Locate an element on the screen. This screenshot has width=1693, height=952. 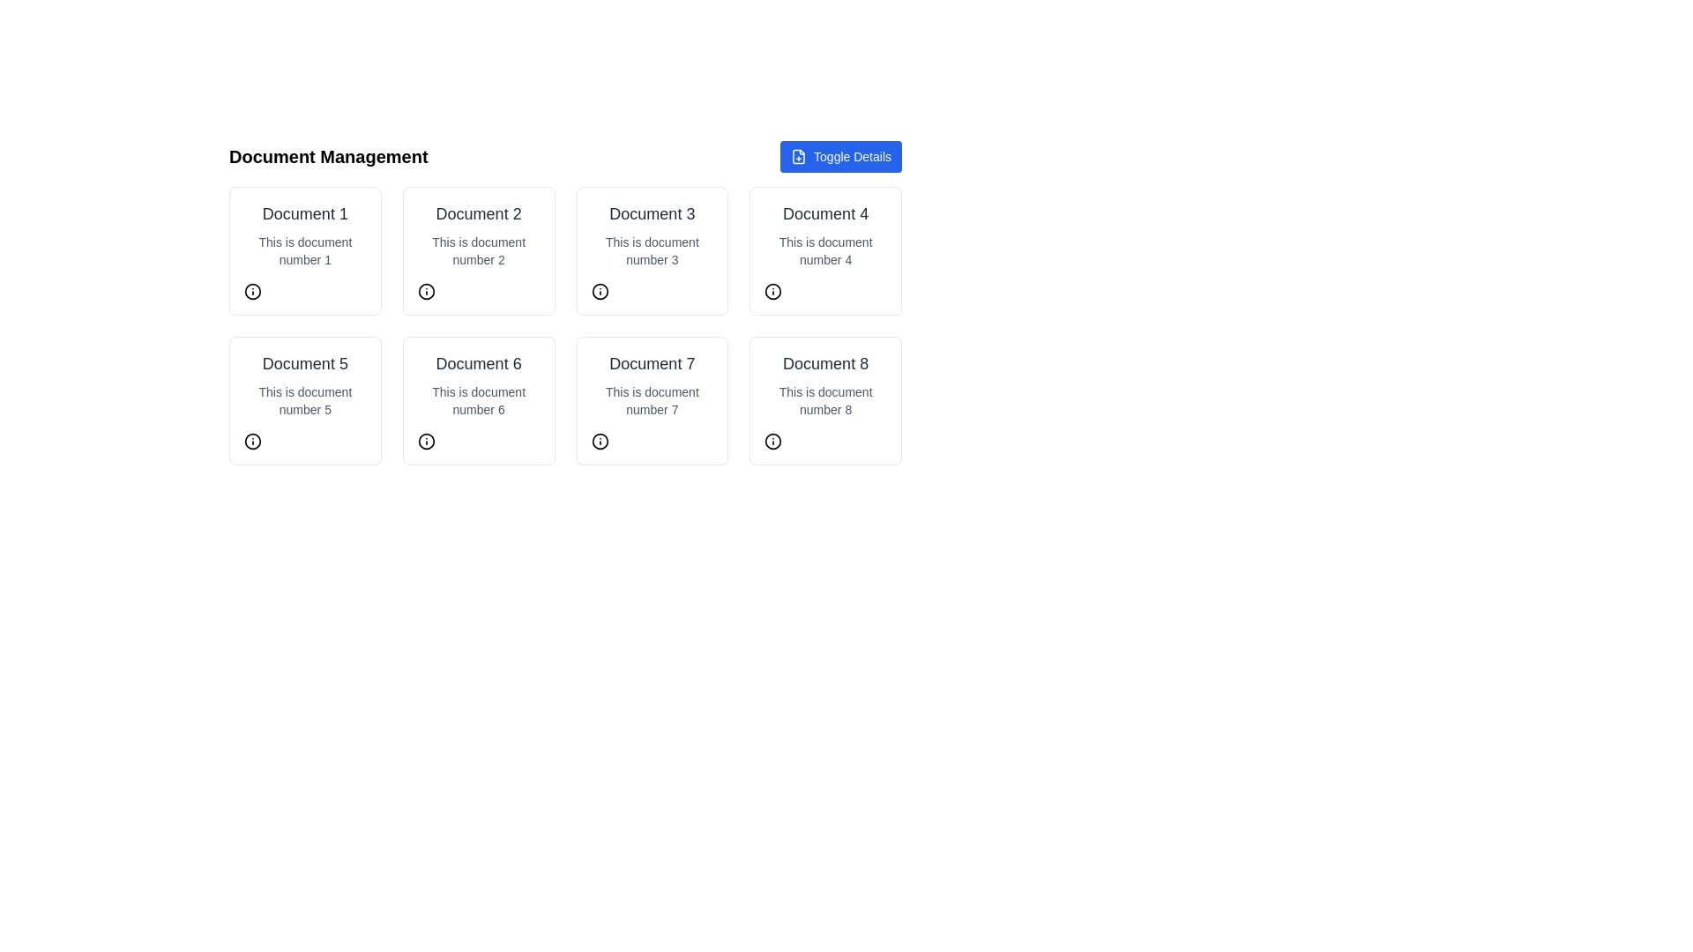
the card-like informational panel displaying the title and brief description of a document, located in the second row, first column of the grid layout is located at coordinates (305, 401).